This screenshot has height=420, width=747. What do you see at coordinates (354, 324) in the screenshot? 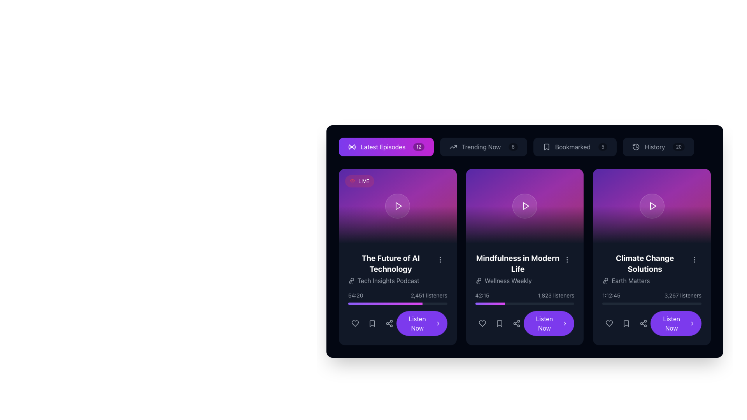
I see `the heart-shaped icon in the bottom-left corner of the first content card` at bounding box center [354, 324].